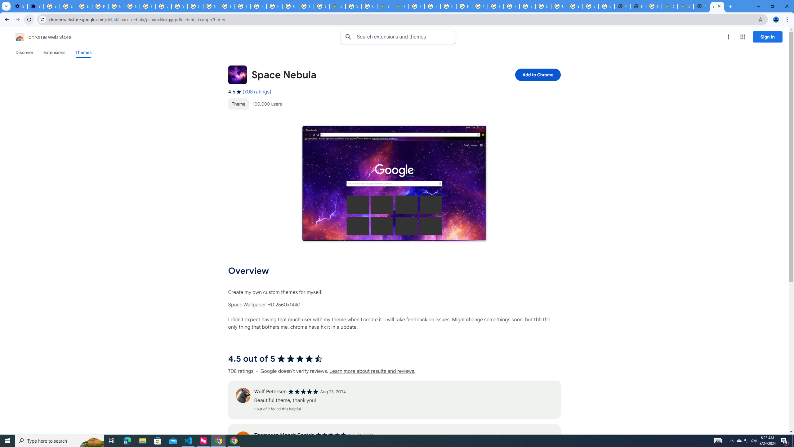  I want to click on 'Chrome Web Store logo', so click(20, 37).